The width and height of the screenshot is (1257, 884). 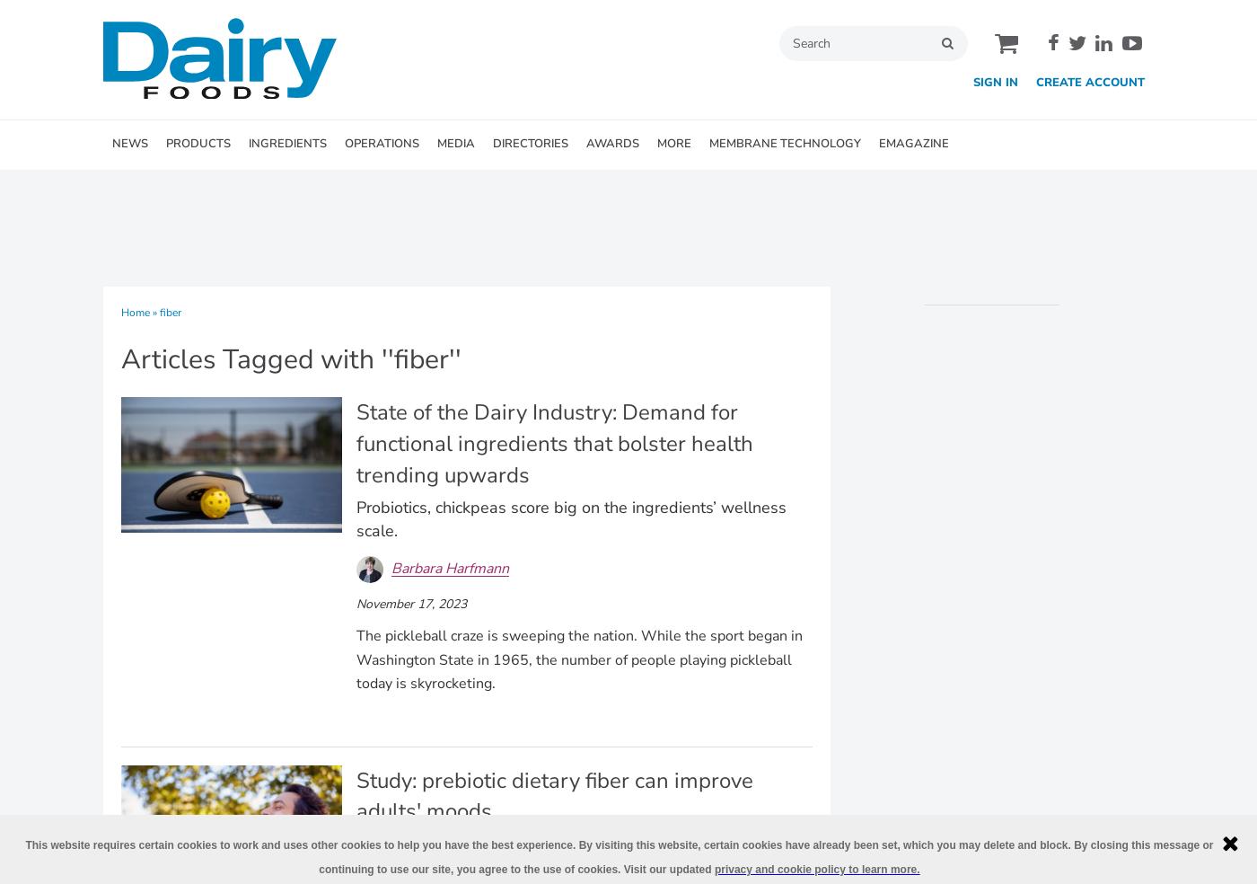 What do you see at coordinates (409, 603) in the screenshot?
I see `'November 17, 2023'` at bounding box center [409, 603].